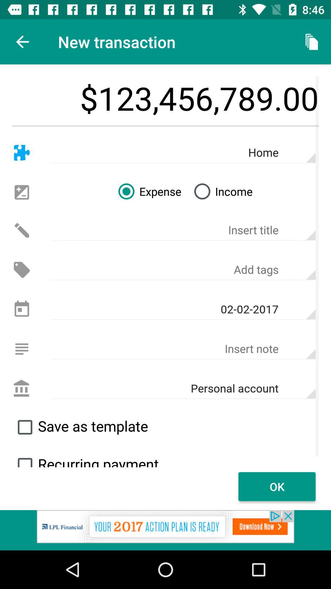 The image size is (331, 589). What do you see at coordinates (183, 270) in the screenshot?
I see `tage` at bounding box center [183, 270].